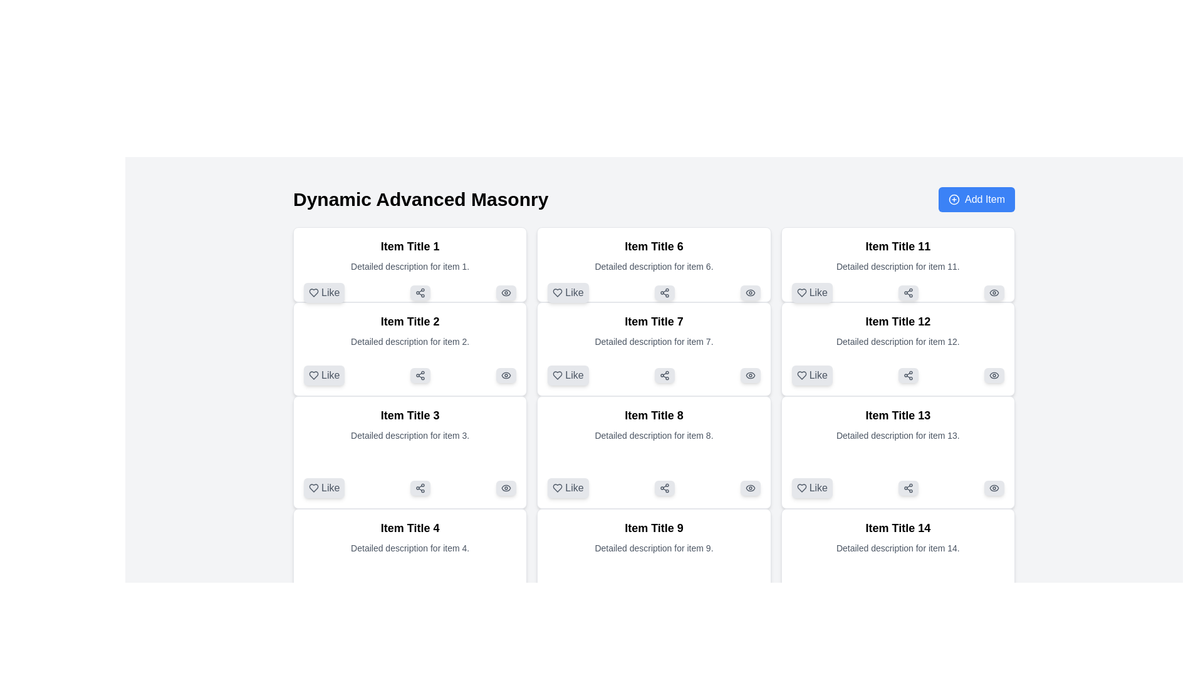 The image size is (1203, 676). What do you see at coordinates (653, 434) in the screenshot?
I see `descriptive text for 'Item Title 8', which is located directly below the title text in the middle column and third row of the grid layout` at bounding box center [653, 434].